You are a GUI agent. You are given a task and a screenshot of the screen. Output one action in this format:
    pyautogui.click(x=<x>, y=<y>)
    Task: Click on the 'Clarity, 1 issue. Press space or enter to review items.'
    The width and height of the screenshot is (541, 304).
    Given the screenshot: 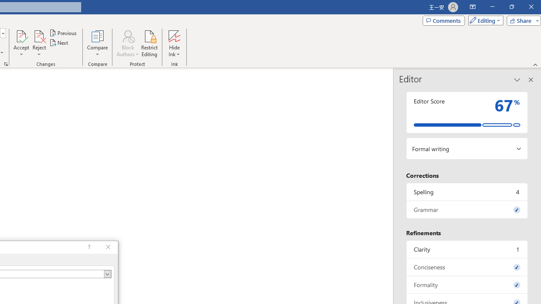 What is the action you would take?
    pyautogui.click(x=467, y=249)
    